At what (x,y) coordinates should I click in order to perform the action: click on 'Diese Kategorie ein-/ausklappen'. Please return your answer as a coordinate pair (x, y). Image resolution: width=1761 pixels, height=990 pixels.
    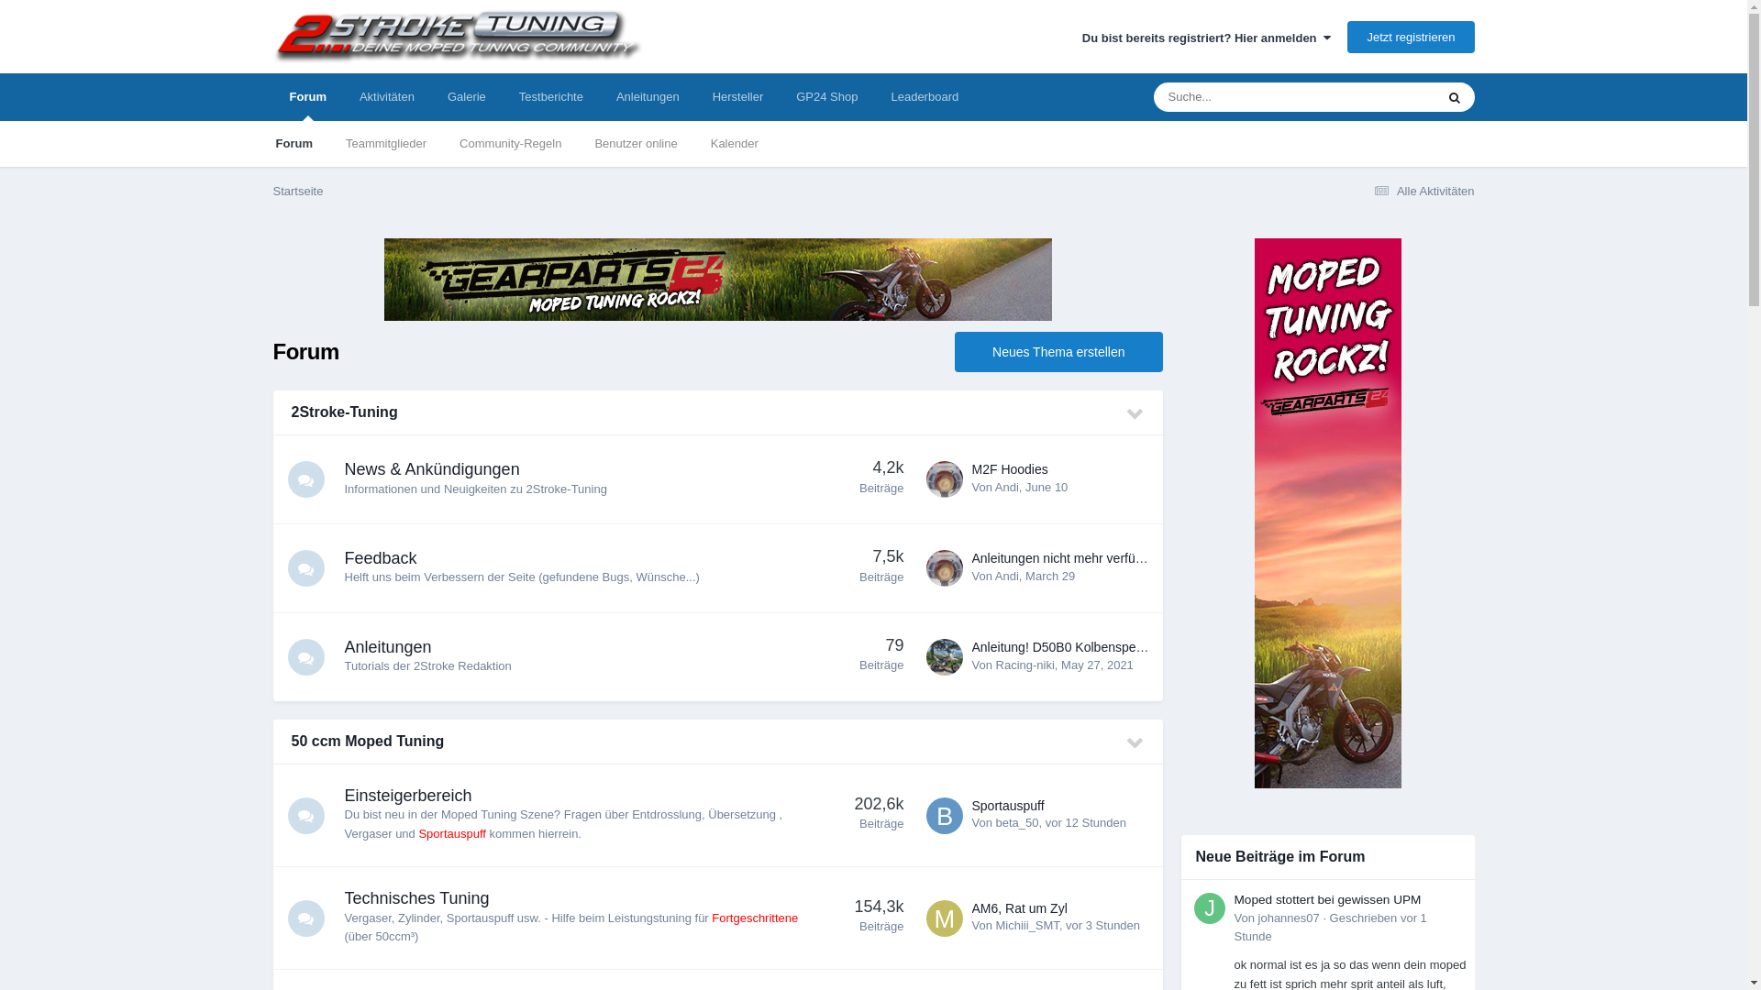
    Looking at the image, I should click on (1135, 413).